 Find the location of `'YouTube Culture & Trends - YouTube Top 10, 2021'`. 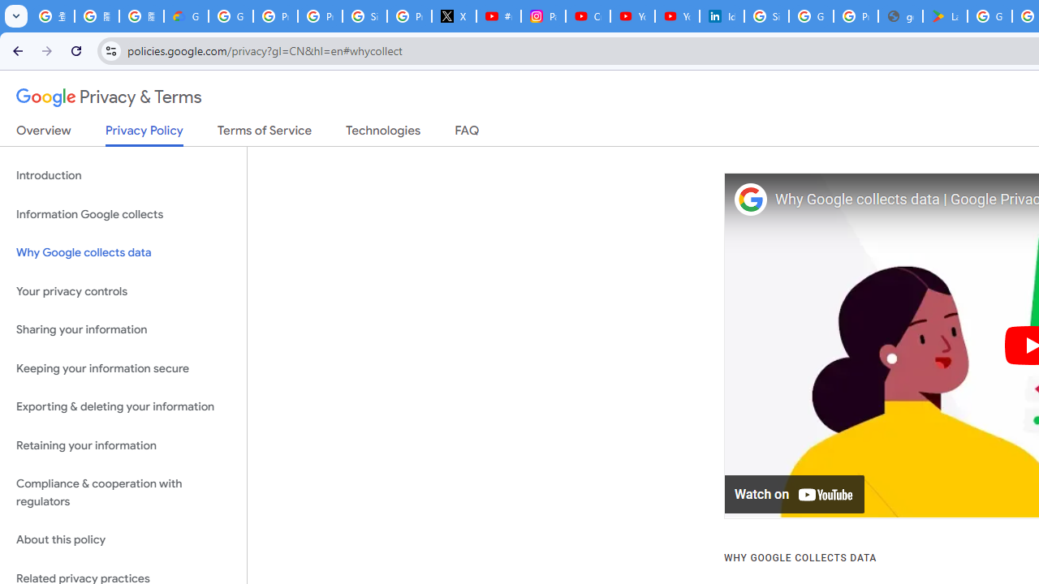

'YouTube Culture & Trends - YouTube Top 10, 2021' is located at coordinates (676, 16).